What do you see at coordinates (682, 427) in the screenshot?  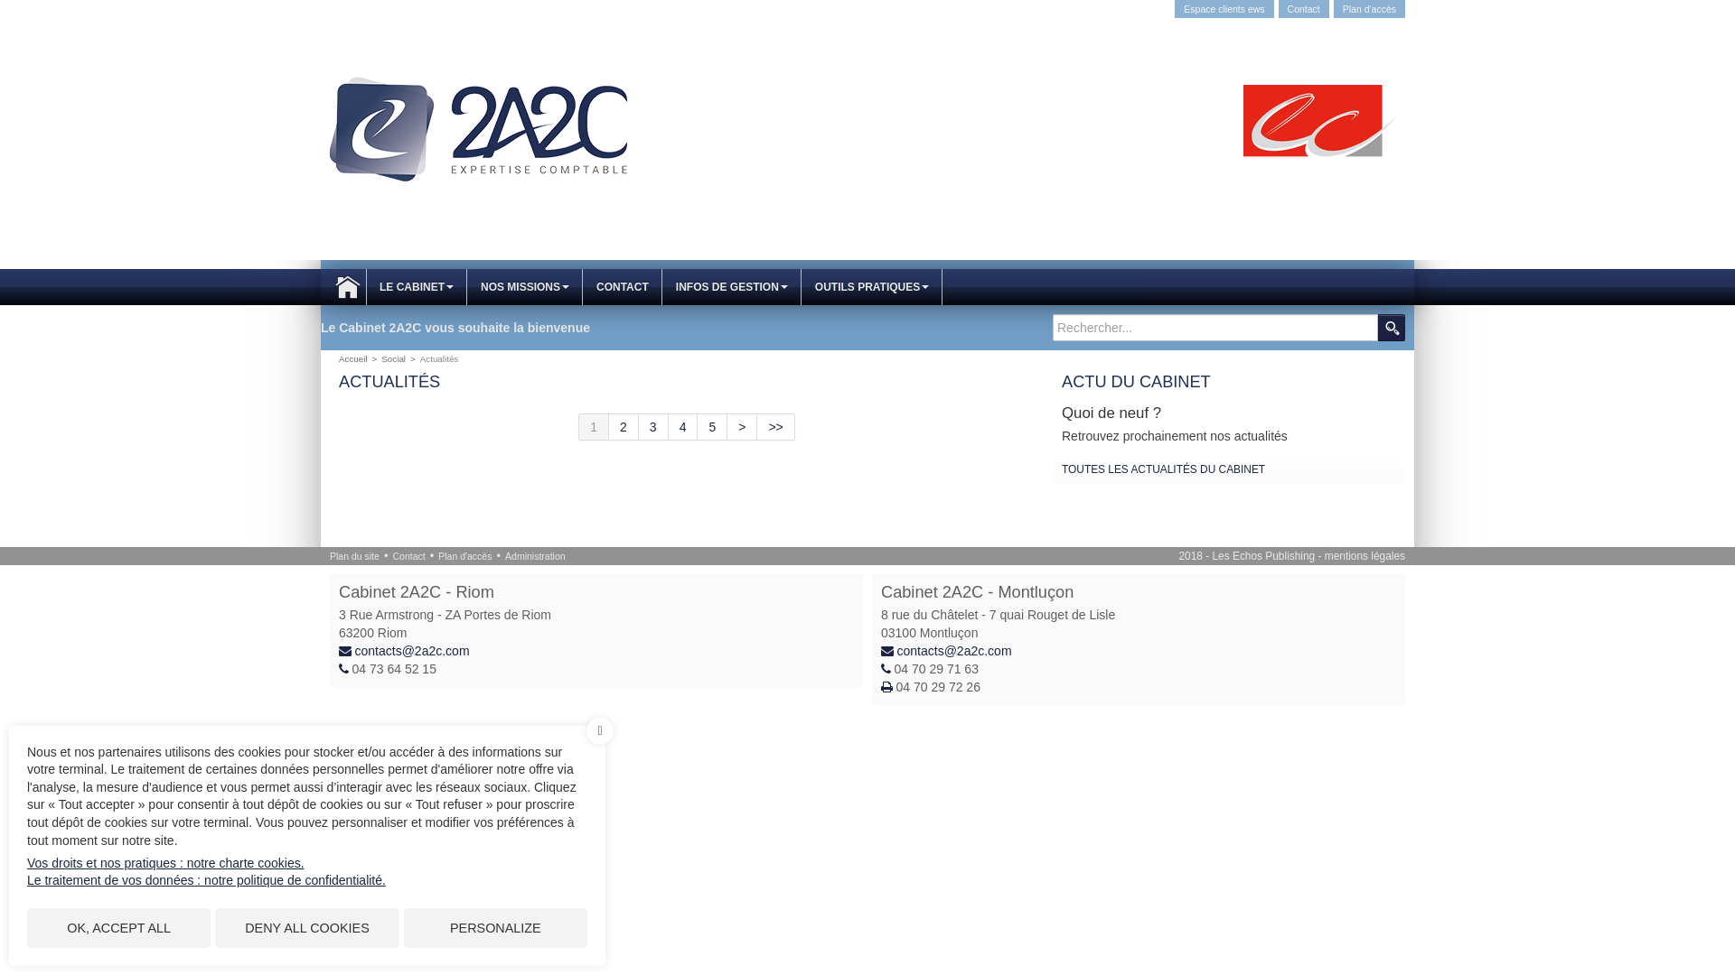 I see `'4'` at bounding box center [682, 427].